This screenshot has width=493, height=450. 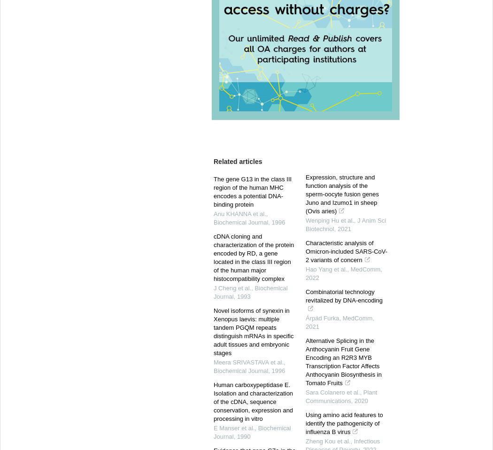 What do you see at coordinates (243, 436) in the screenshot?
I see `'1990'` at bounding box center [243, 436].